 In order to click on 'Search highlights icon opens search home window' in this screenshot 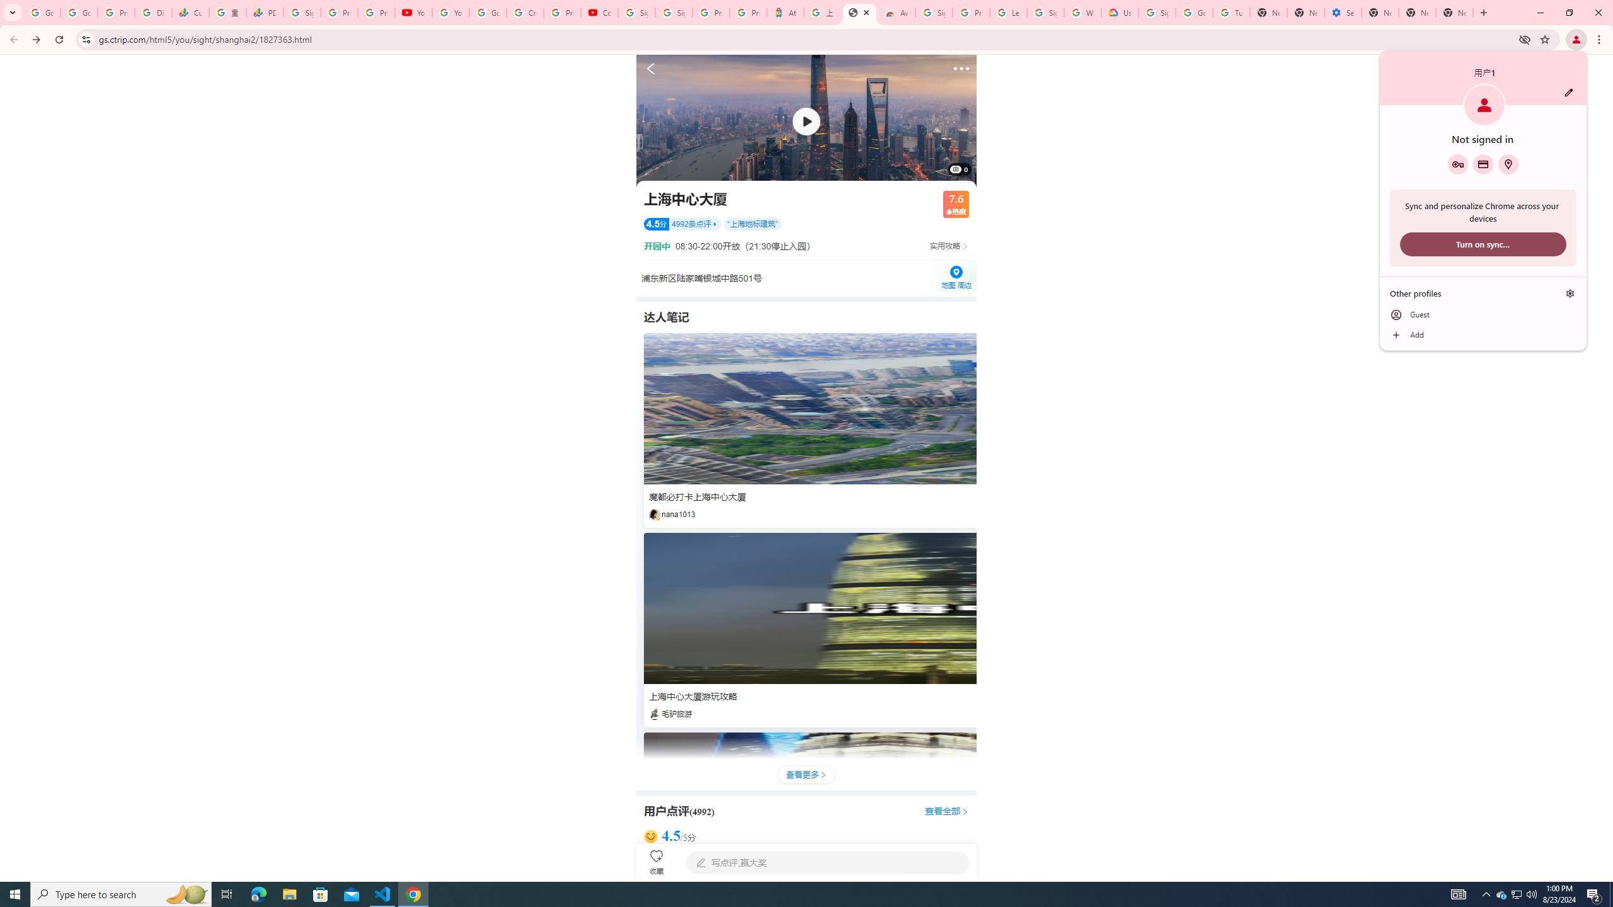, I will do `click(185, 893)`.